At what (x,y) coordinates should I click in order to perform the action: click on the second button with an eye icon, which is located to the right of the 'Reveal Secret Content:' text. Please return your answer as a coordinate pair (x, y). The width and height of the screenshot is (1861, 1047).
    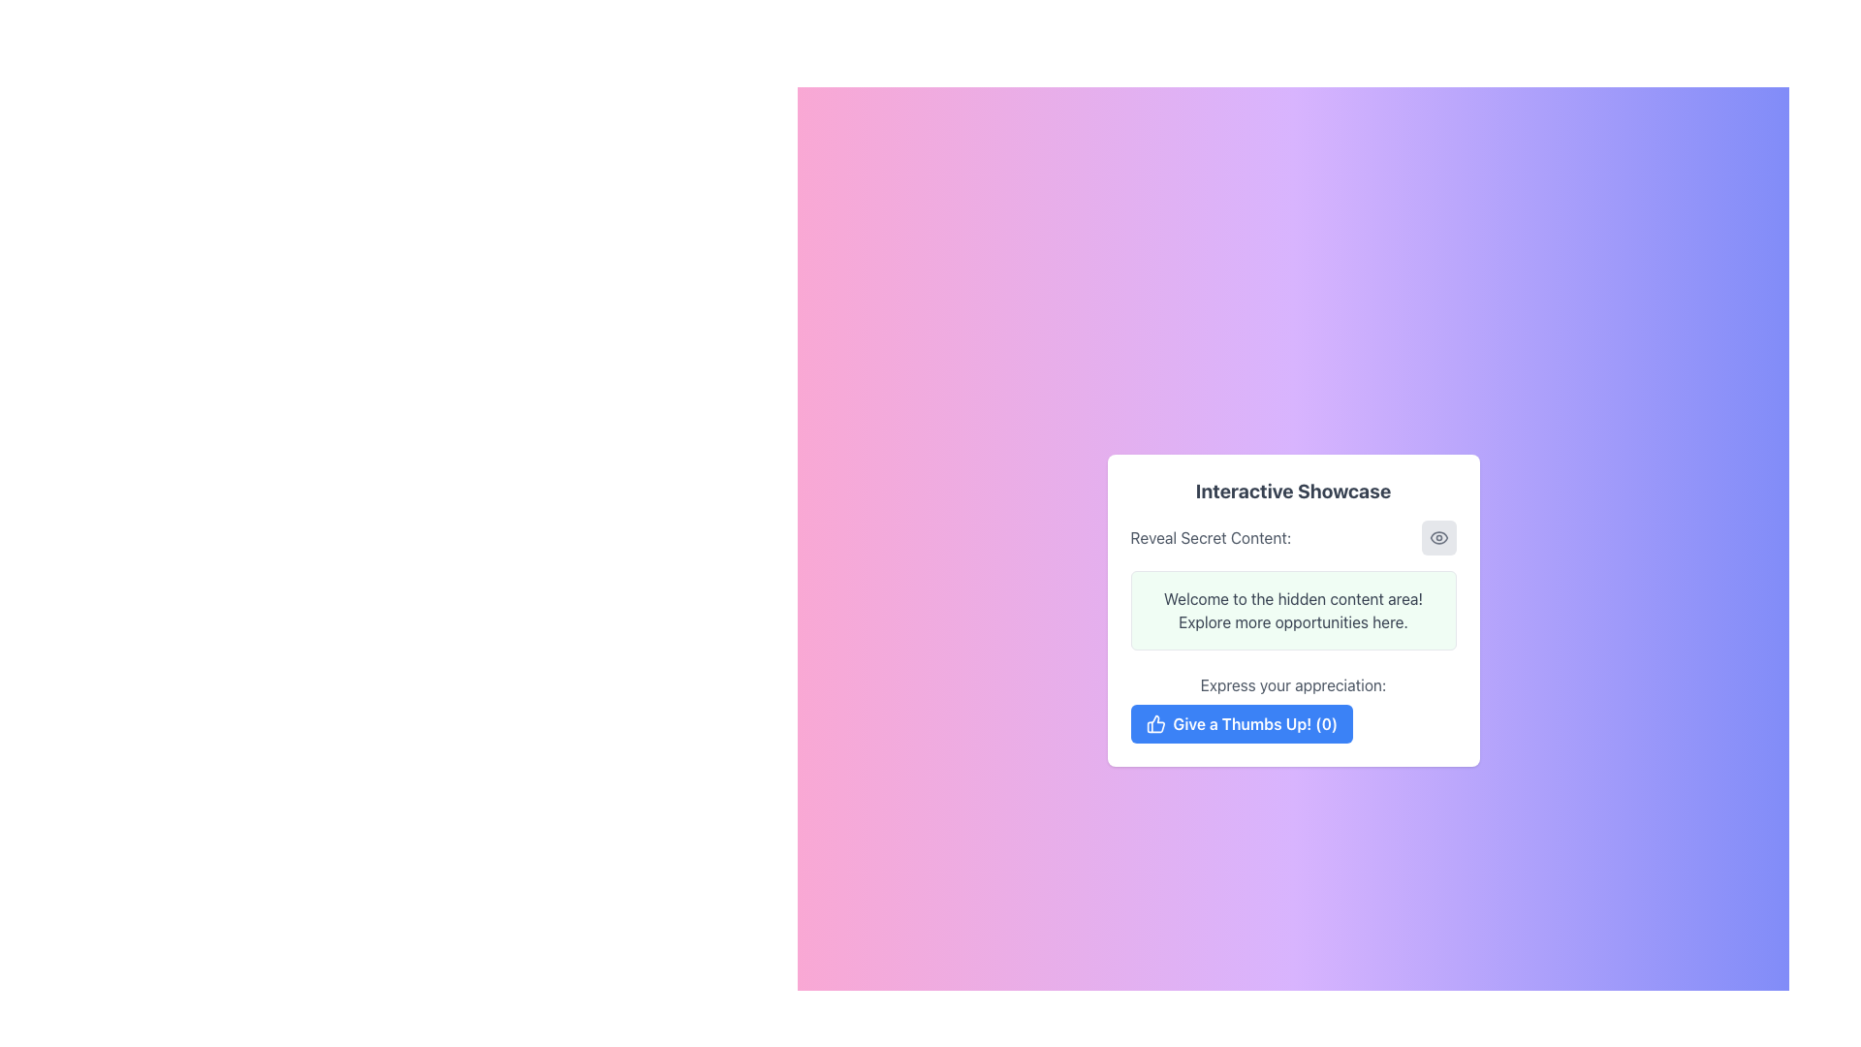
    Looking at the image, I should click on (1438, 538).